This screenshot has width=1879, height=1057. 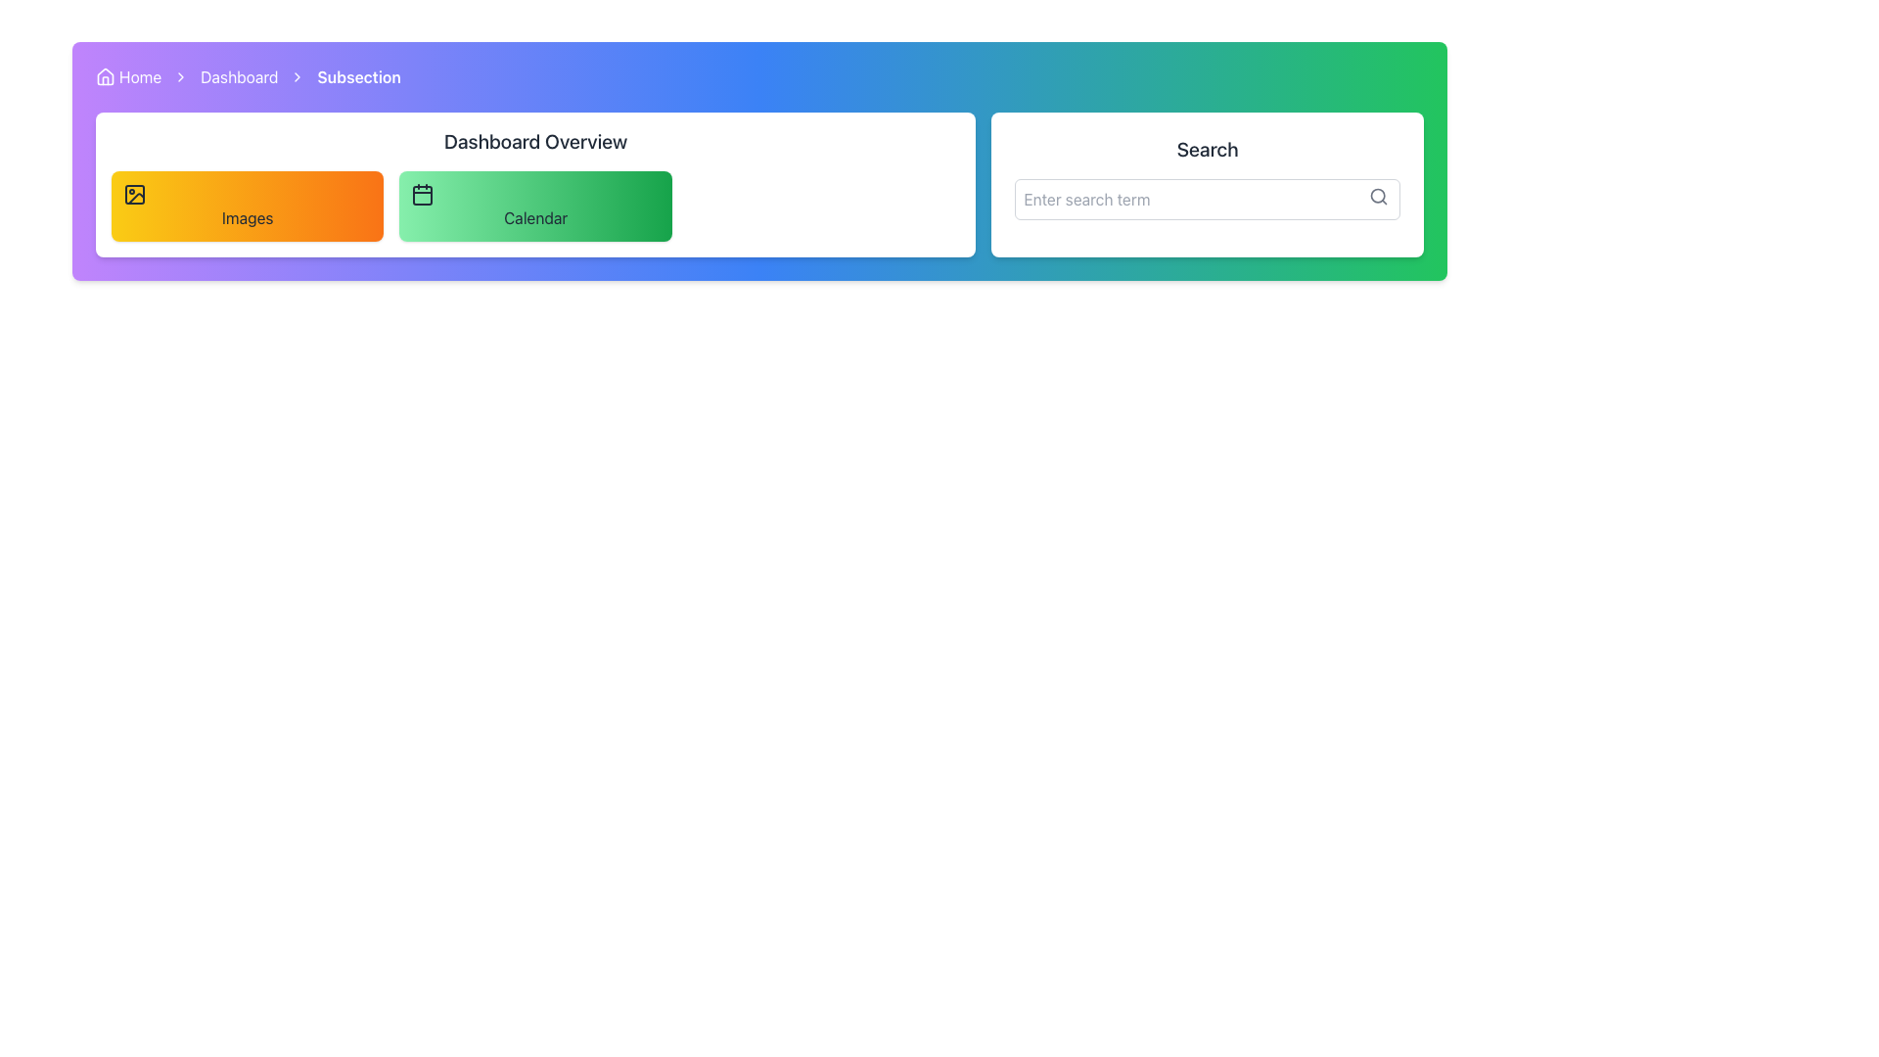 I want to click on the circular SVG graphical shape representing the magnifying glass head in the search icon located inside the search bar group, so click(x=1377, y=196).